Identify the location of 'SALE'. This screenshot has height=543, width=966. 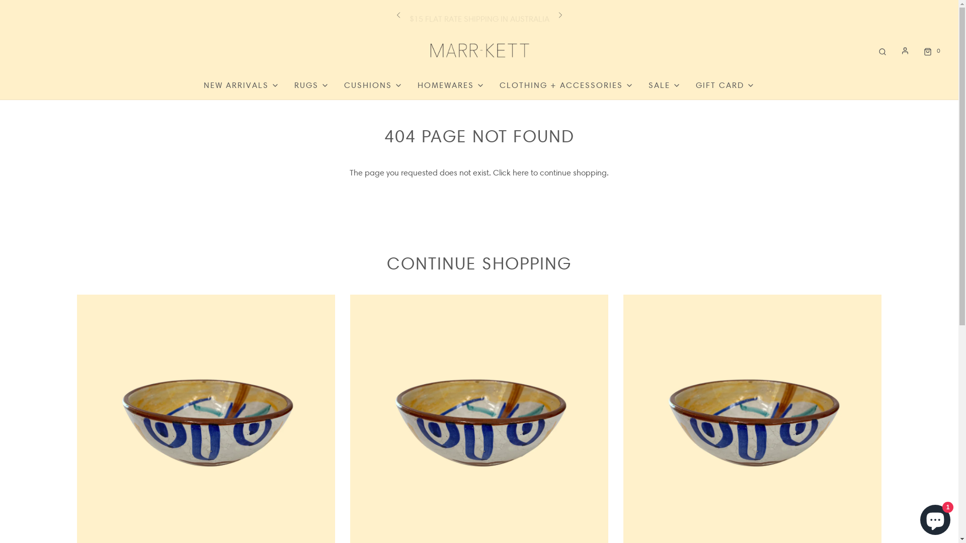
(664, 84).